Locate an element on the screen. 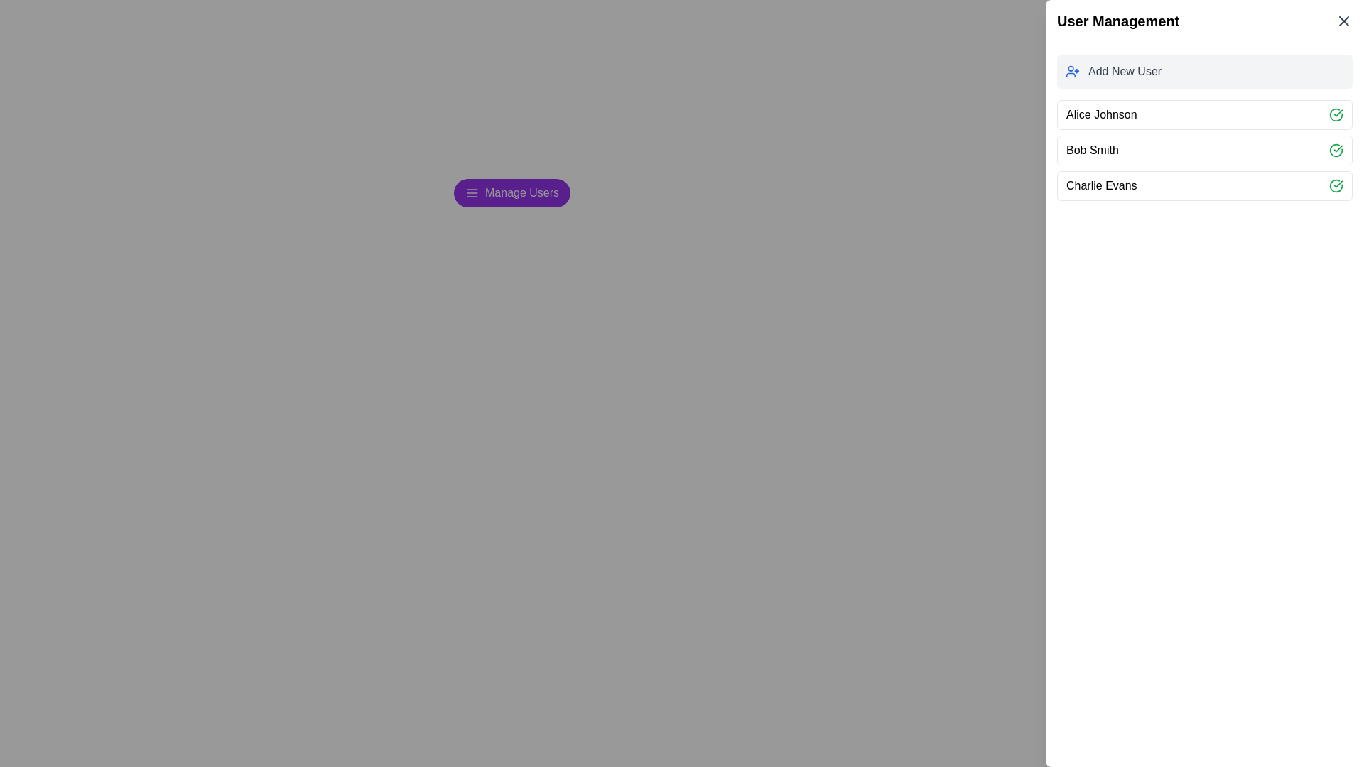  the static text label reading 'User Management', which is styled in bold and larger font, located at the top of a white sidebar interface with a light gray background is located at coordinates (1117, 21).